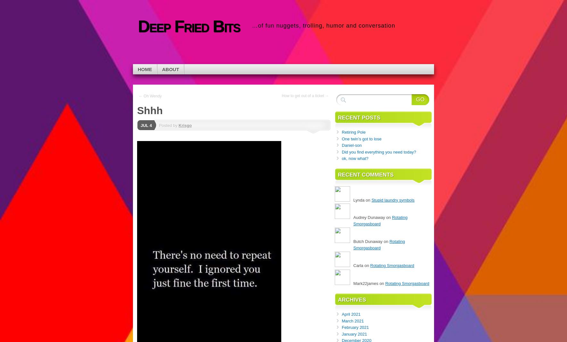 Image resolution: width=567 pixels, height=342 pixels. I want to click on 'How to get out of a ticket →', so click(305, 96).